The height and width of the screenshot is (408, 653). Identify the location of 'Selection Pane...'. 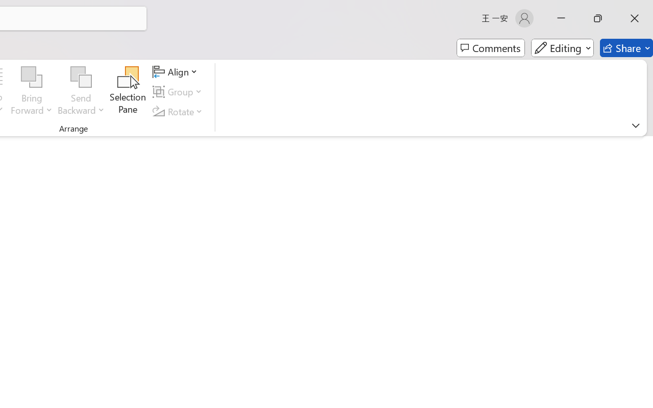
(128, 91).